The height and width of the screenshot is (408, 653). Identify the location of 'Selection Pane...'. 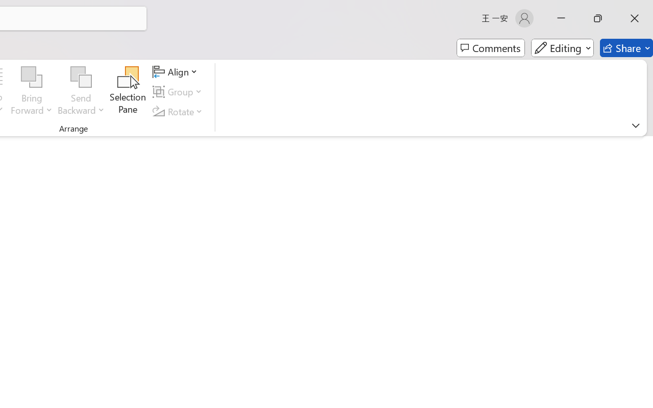
(128, 91).